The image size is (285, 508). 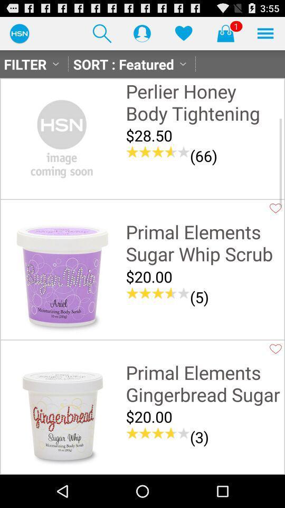 What do you see at coordinates (225, 33) in the screenshot?
I see `adding cart option` at bounding box center [225, 33].